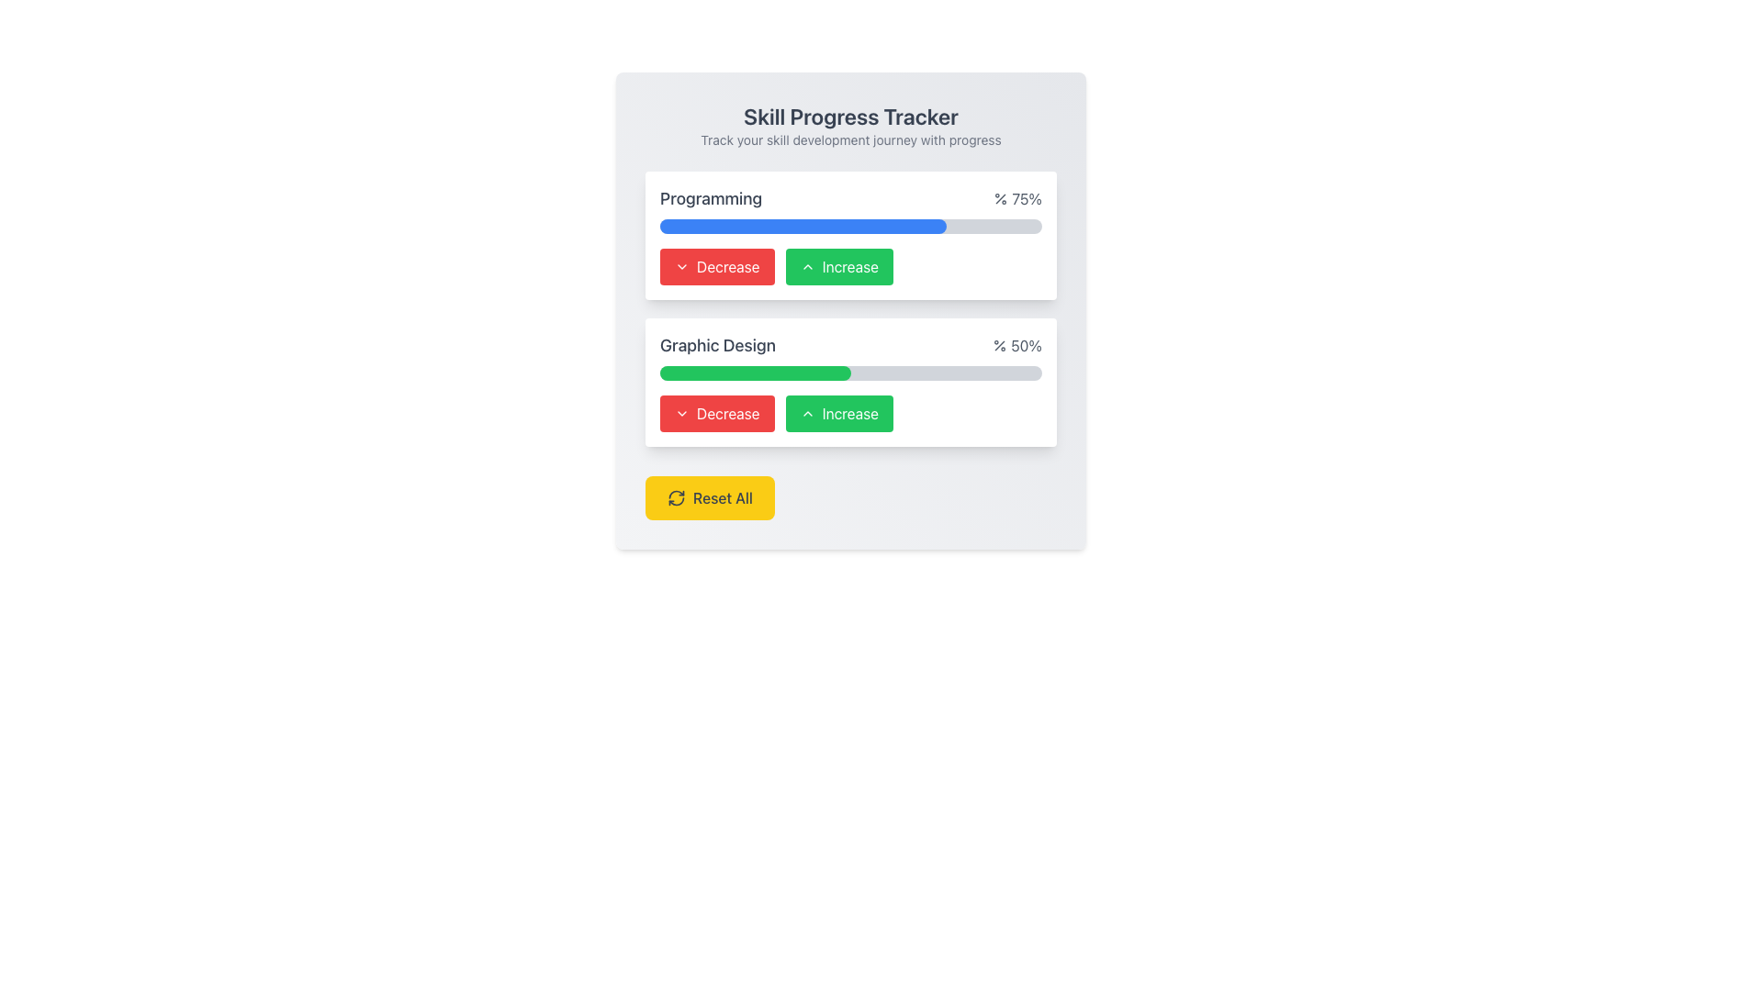 Image resolution: width=1763 pixels, height=991 pixels. I want to click on the decorative diagonal line within the SVG icon representing the percentage symbol, located to the left of the Programming progress percentage text (75%) in the top progress tracker box, so click(1000, 198).